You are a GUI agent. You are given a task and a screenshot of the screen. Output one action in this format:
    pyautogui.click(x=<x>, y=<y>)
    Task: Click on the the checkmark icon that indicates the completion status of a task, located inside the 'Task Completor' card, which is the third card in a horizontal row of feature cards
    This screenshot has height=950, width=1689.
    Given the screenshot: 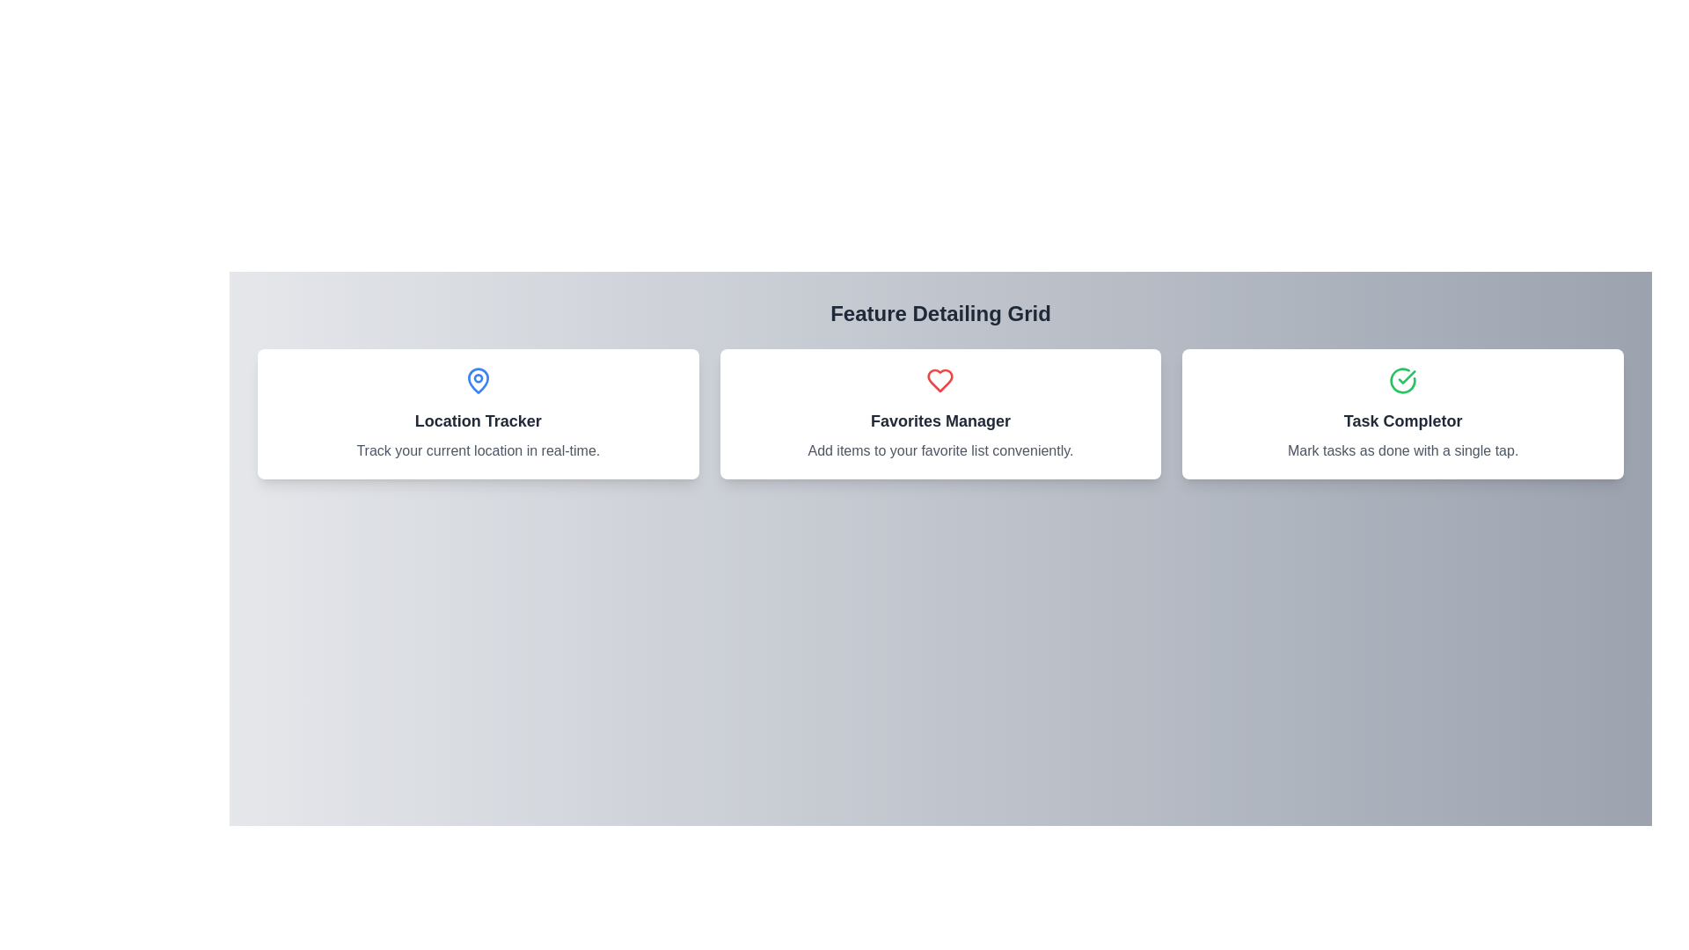 What is the action you would take?
    pyautogui.click(x=1406, y=376)
    